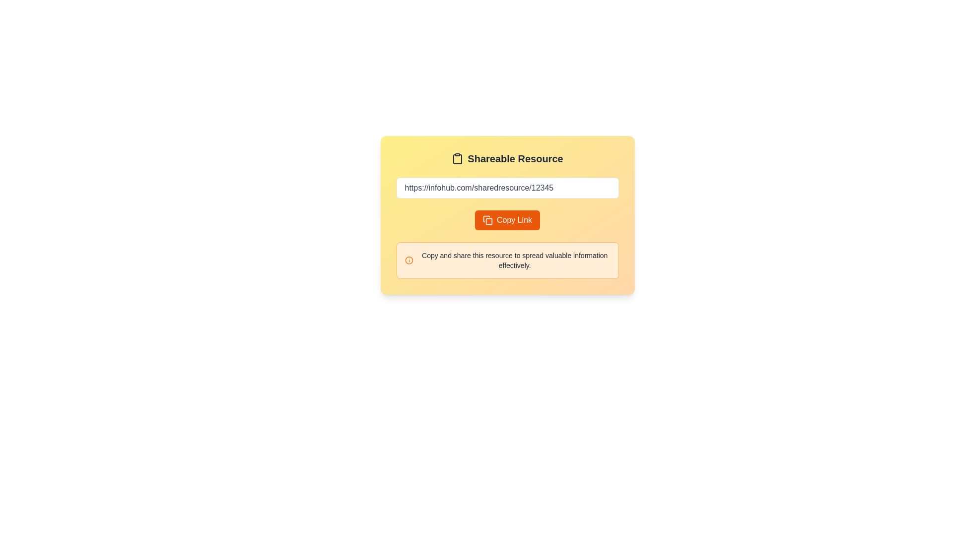  Describe the element at coordinates (409, 260) in the screenshot. I see `the informational icon located in the bottom-left section of the orange notification box, adjacent to the text message that reads, "Copy and share this resource to spread valuable information effectively."` at that location.